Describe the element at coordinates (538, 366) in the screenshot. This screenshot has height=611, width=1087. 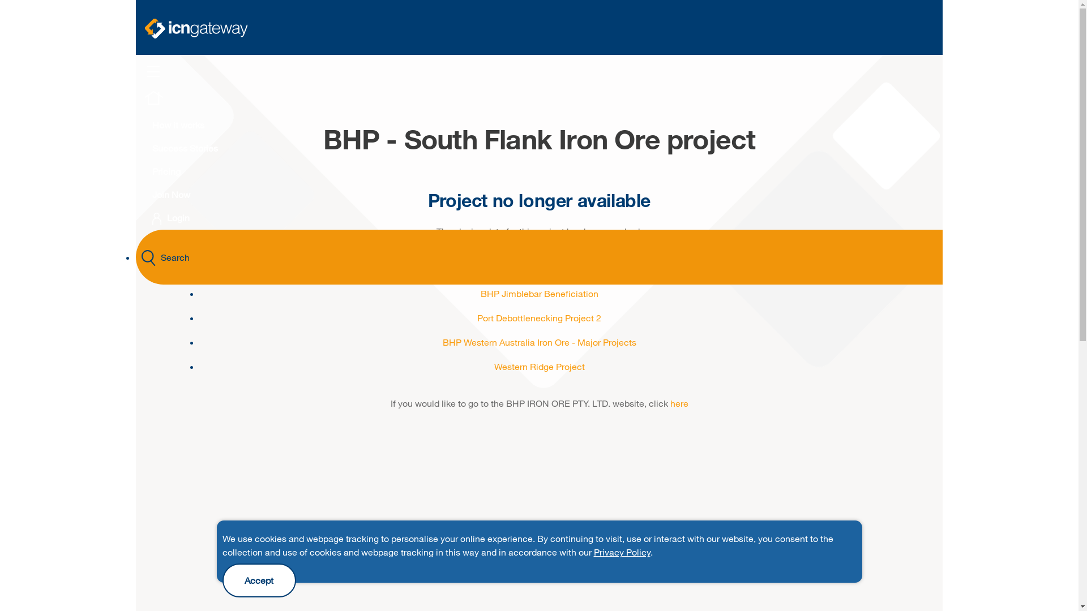
I see `'Western Ridge Project'` at that location.